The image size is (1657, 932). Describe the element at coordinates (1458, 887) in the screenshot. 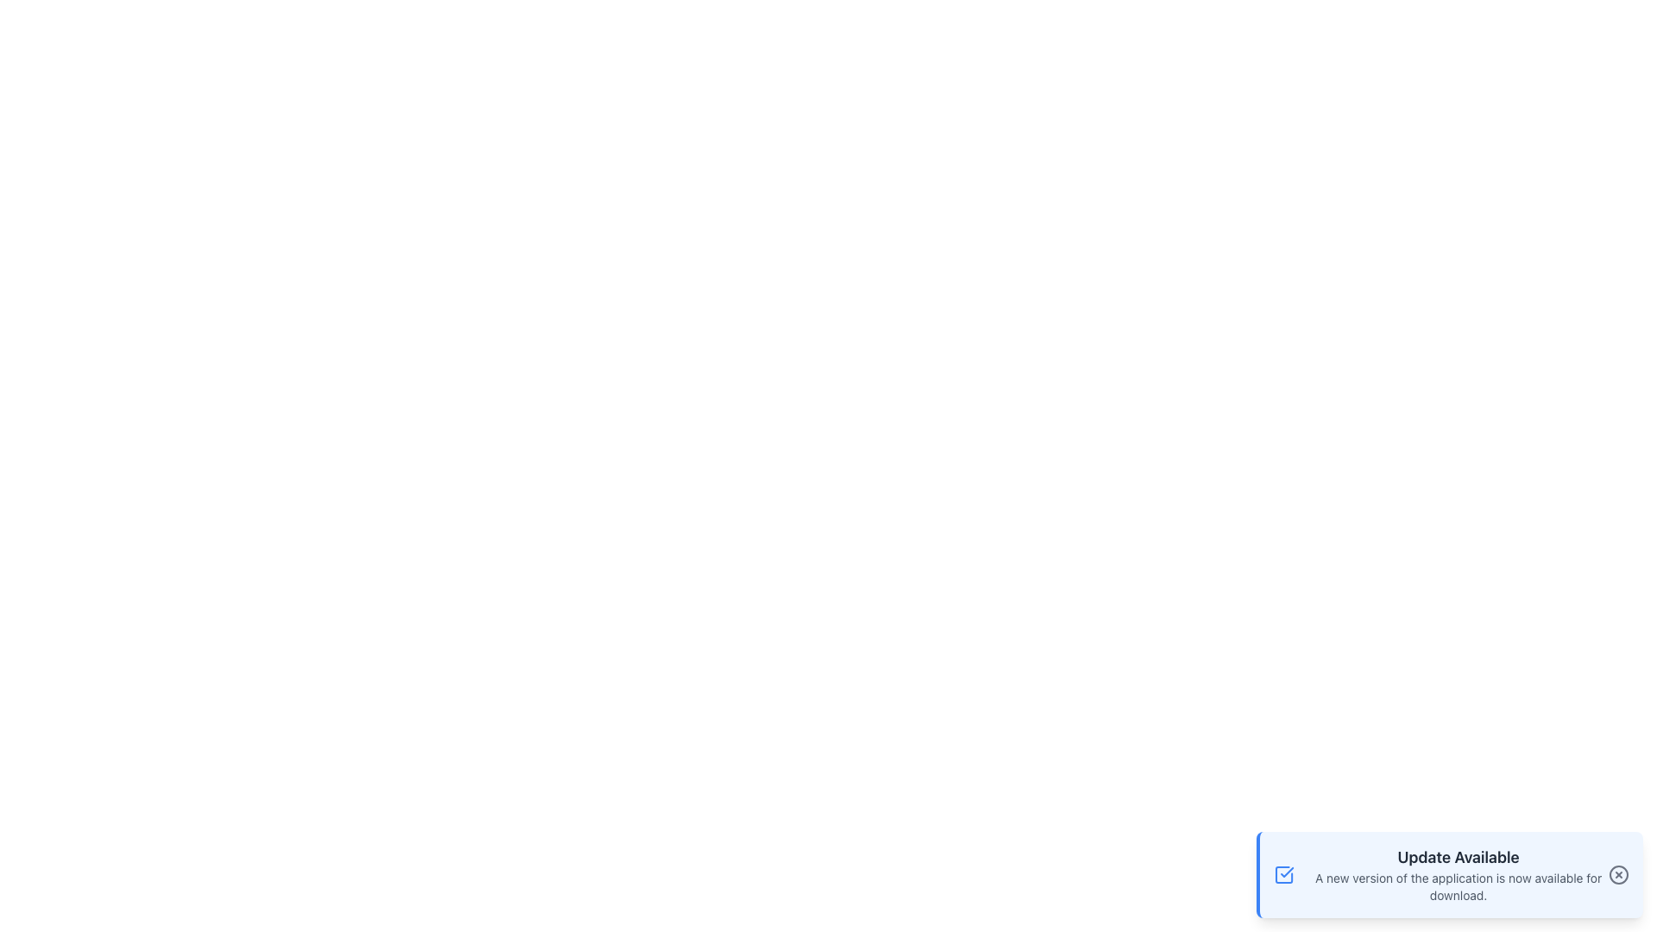

I see `the static textual content that displays the message 'A new version of the application is now available for download.' which is located under the 'Update Available' component` at that location.